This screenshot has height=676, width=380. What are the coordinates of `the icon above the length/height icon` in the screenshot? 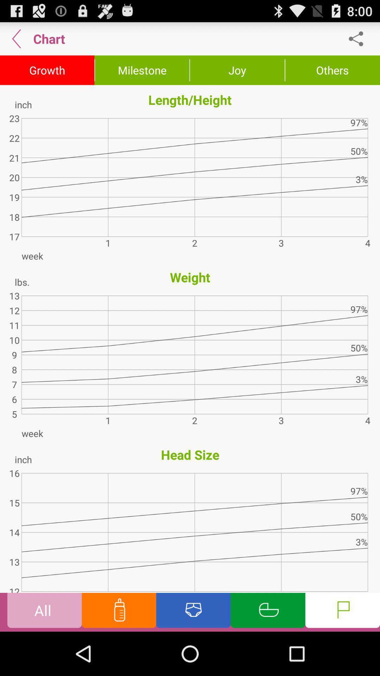 It's located at (237, 70).